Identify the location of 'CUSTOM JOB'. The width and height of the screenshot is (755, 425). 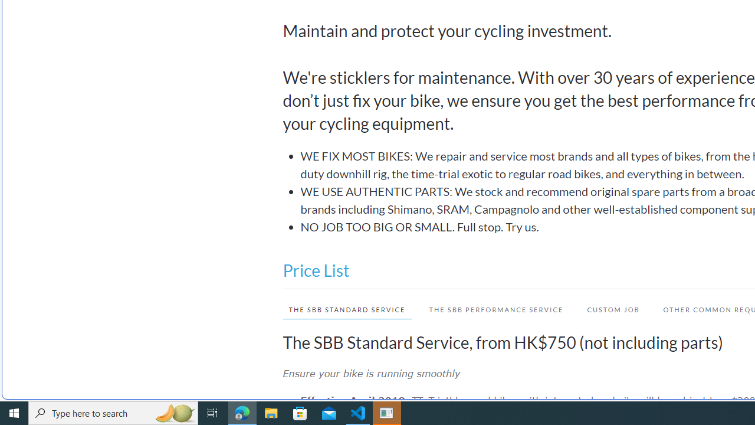
(607, 309).